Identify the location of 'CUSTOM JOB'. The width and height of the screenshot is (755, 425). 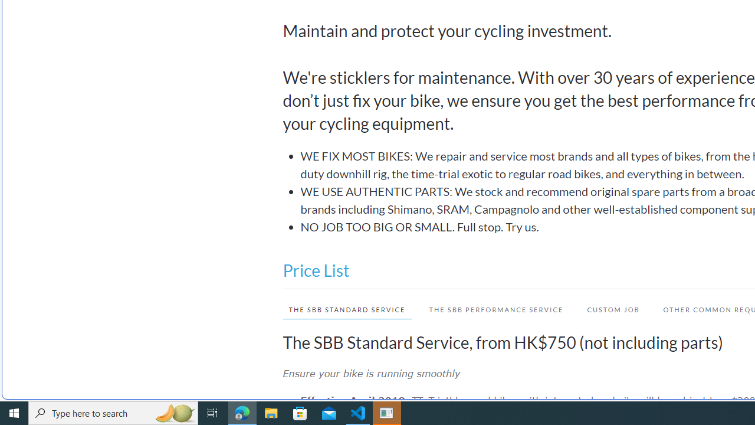
(607, 309).